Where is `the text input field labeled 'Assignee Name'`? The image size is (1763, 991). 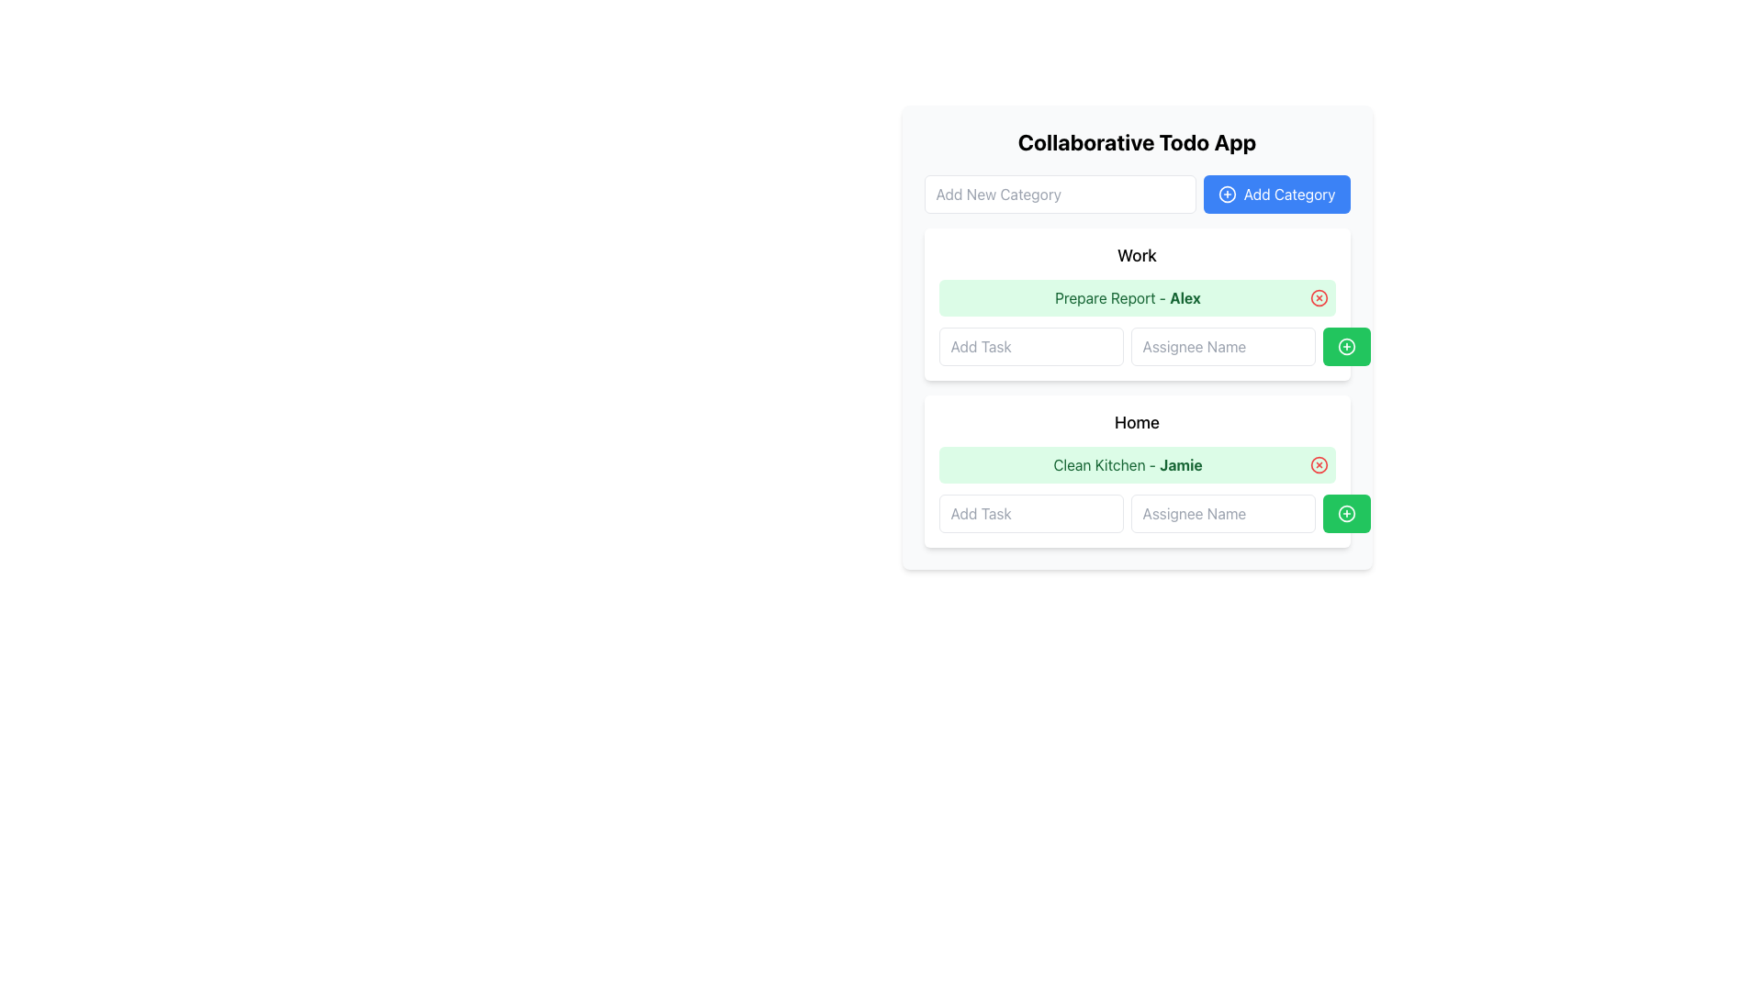 the text input field labeled 'Assignee Name' is located at coordinates (1222, 347).